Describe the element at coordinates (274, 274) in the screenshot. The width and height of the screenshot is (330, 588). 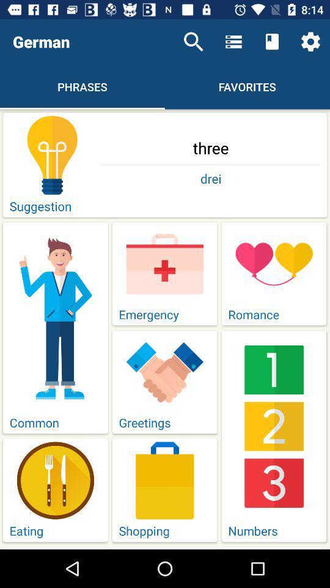
I see `the romance button` at that location.